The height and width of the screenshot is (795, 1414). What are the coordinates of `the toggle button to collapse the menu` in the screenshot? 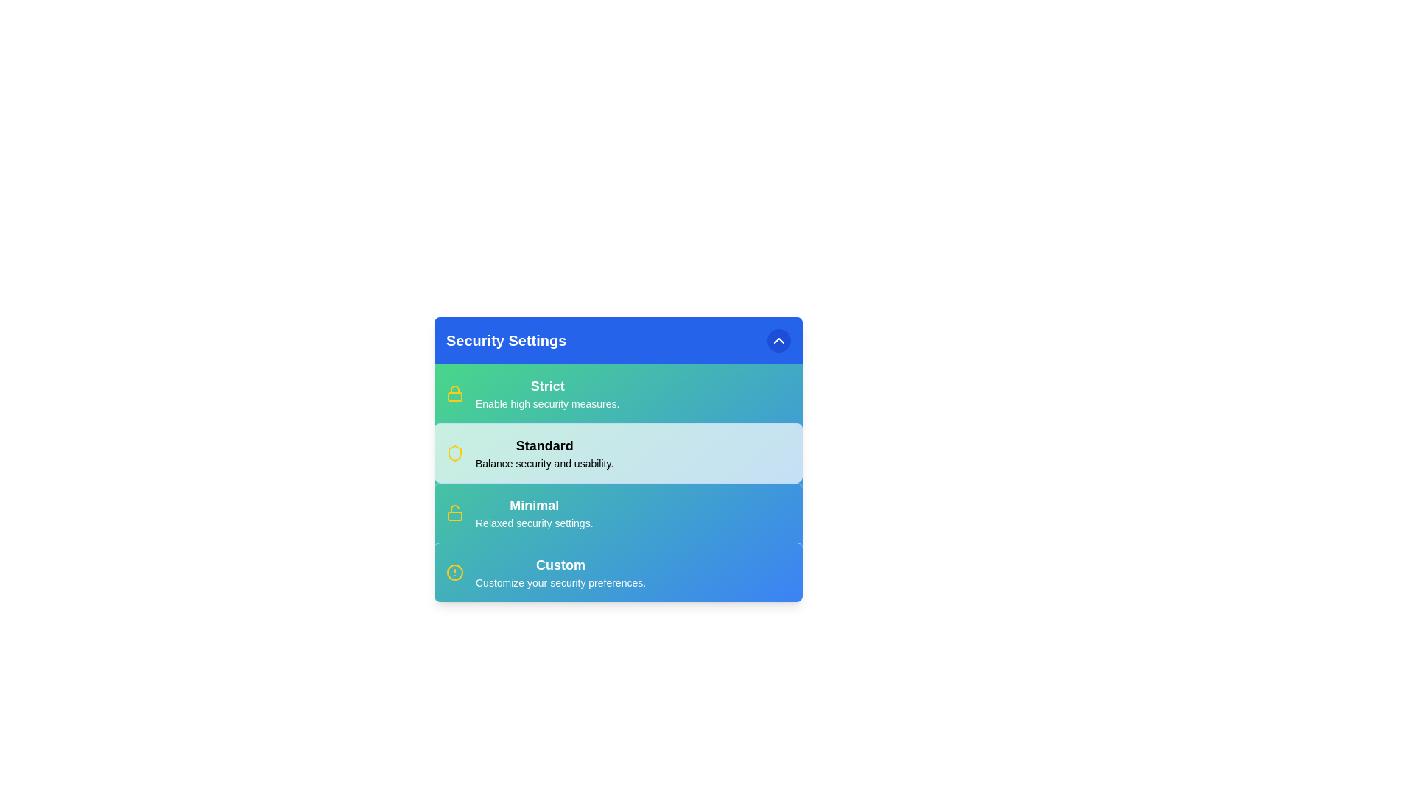 It's located at (778, 340).